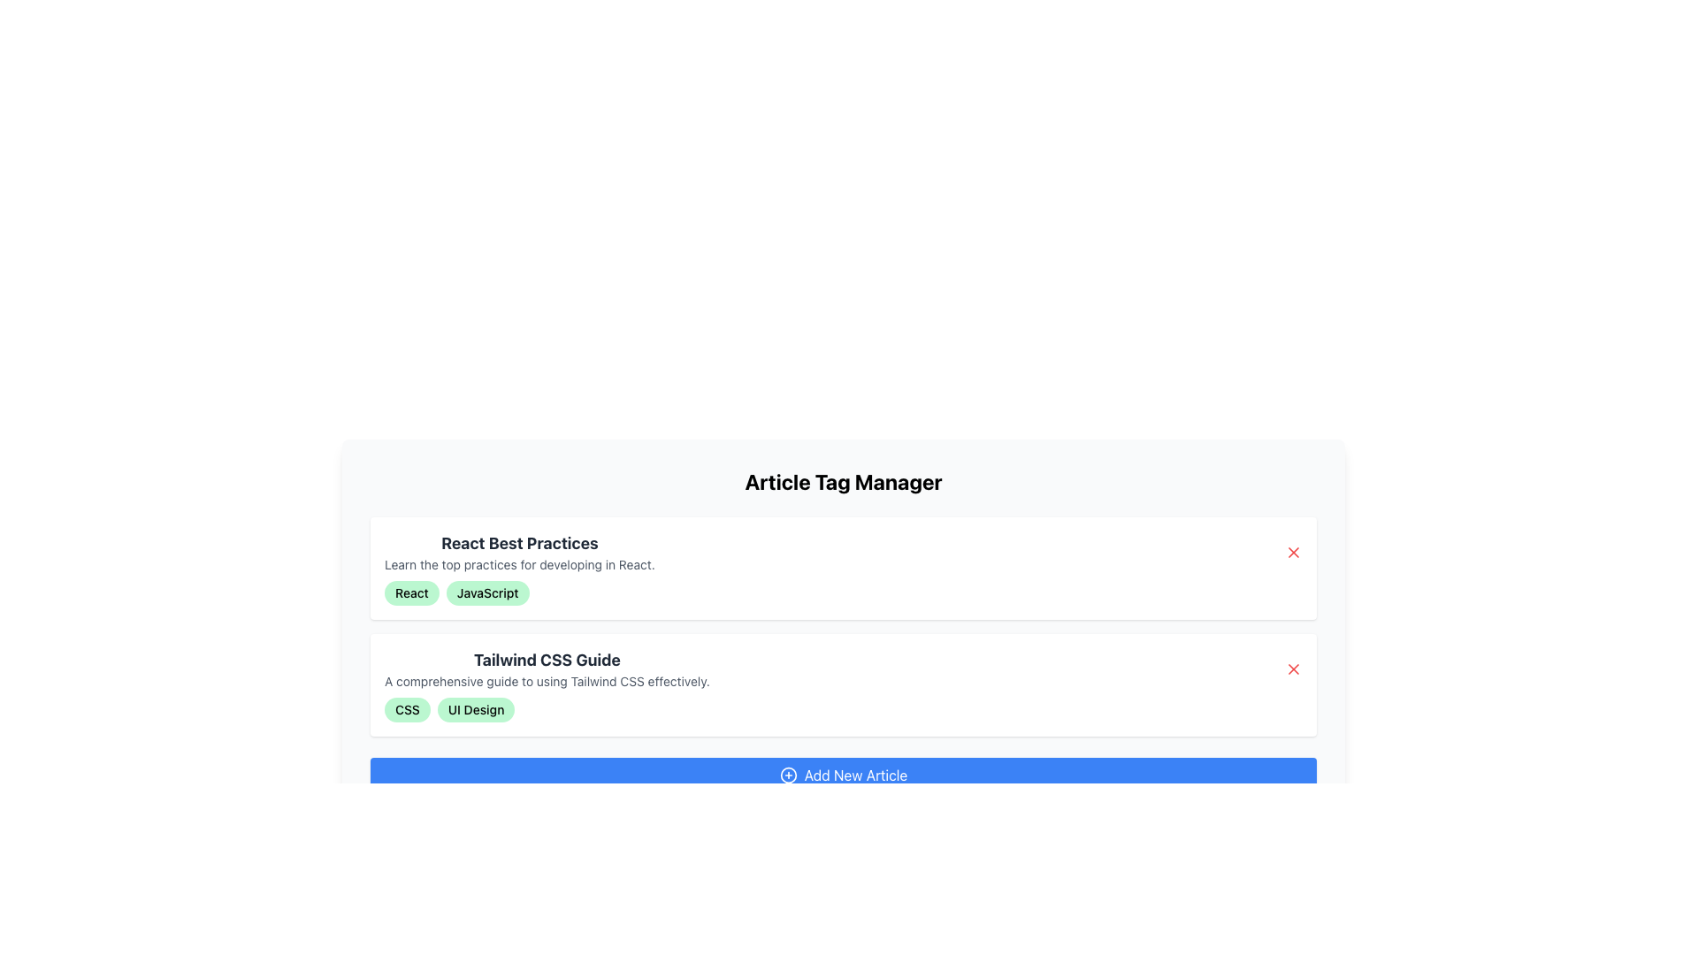  I want to click on the first tag element, which is positioned on the left side below the 'Tailwind CSS Guide' box, and indicates a category or keyword relevant to the content, so click(406, 708).